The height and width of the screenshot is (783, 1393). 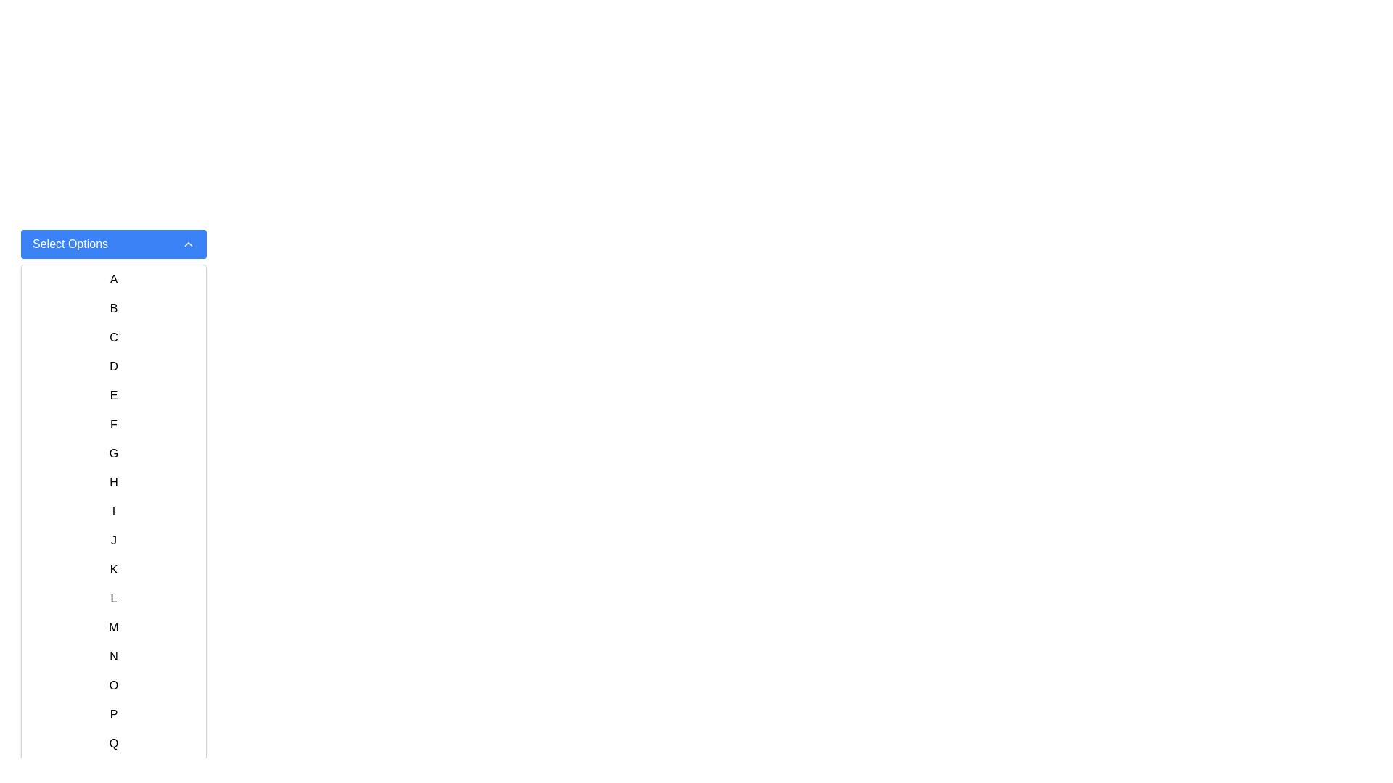 What do you see at coordinates (113, 627) in the screenshot?
I see `the list item displaying the letter 'M' in black on a white background for focus indication` at bounding box center [113, 627].